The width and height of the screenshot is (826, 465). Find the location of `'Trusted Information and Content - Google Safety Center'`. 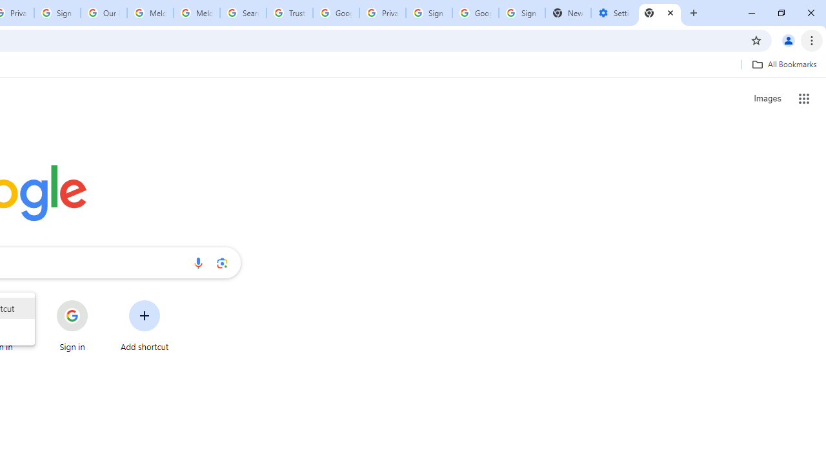

'Trusted Information and Content - Google Safety Center' is located at coordinates (289, 13).